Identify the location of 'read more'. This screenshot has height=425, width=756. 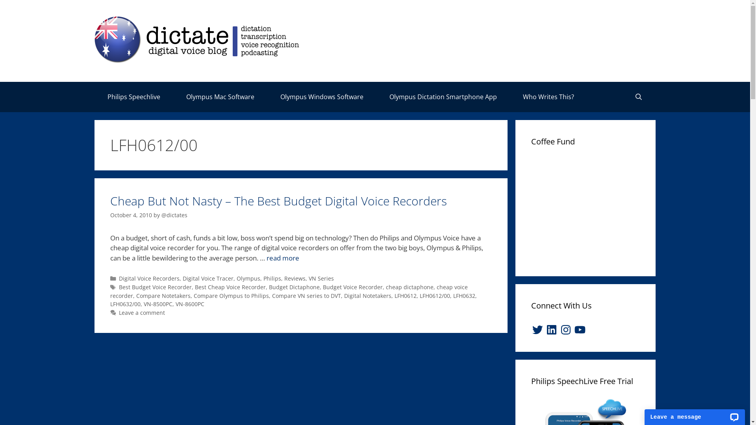
(283, 258).